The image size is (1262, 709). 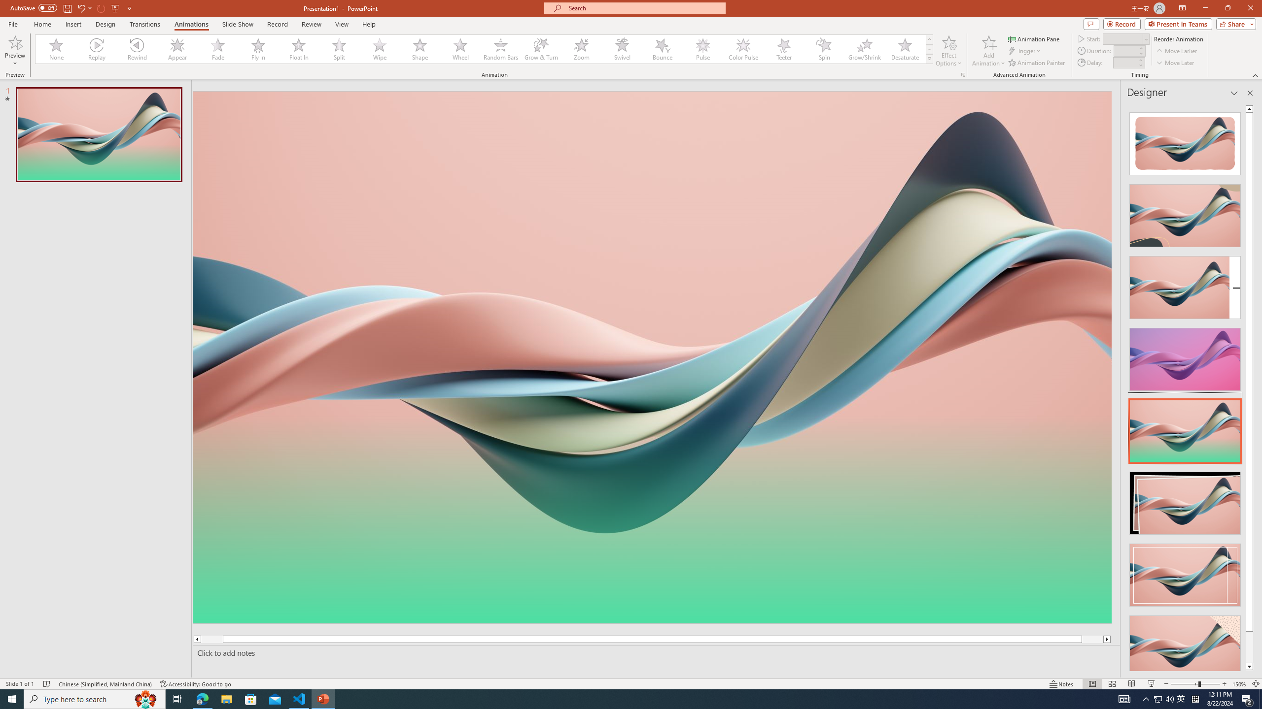 What do you see at coordinates (1250, 93) in the screenshot?
I see `'Close pane'` at bounding box center [1250, 93].